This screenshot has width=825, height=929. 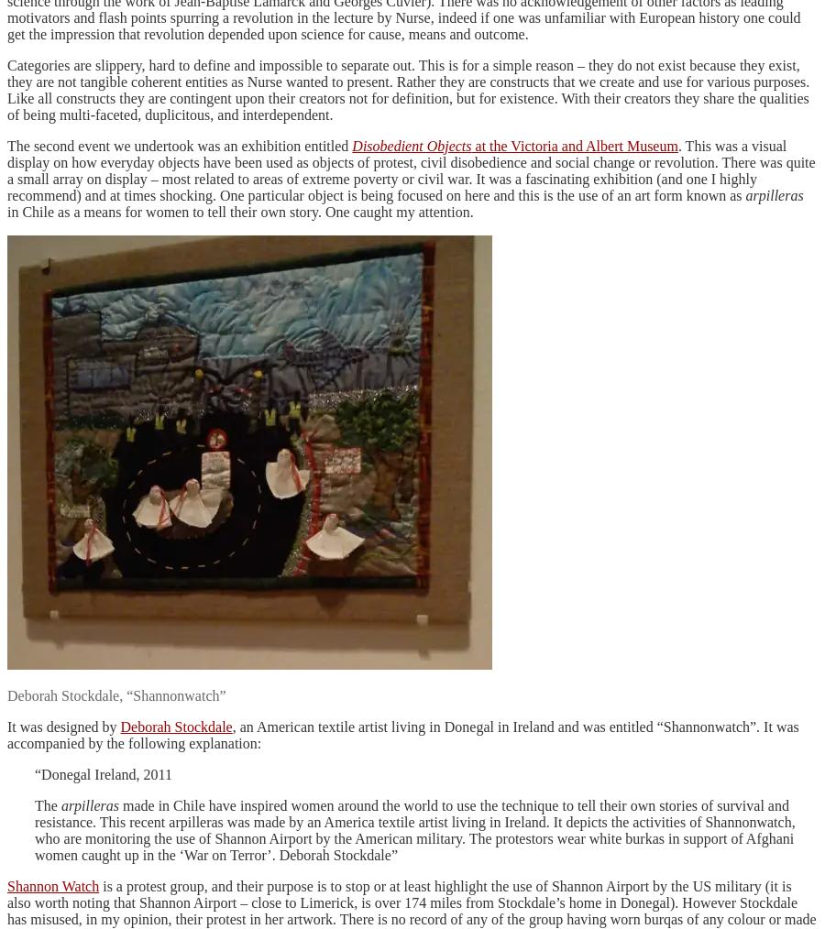 I want to click on 'Deborah Stockdale', so click(x=175, y=726).